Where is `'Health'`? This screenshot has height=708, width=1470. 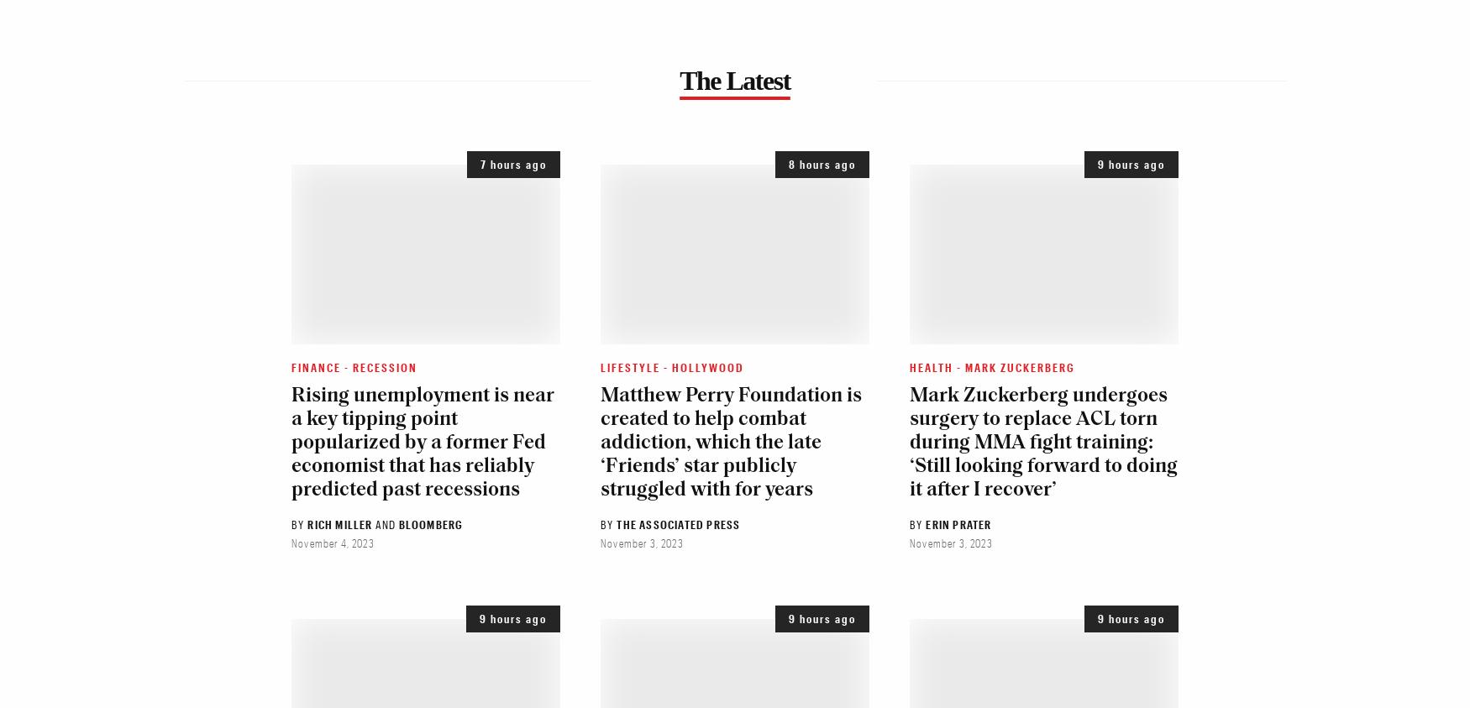
'Health' is located at coordinates (931, 366).